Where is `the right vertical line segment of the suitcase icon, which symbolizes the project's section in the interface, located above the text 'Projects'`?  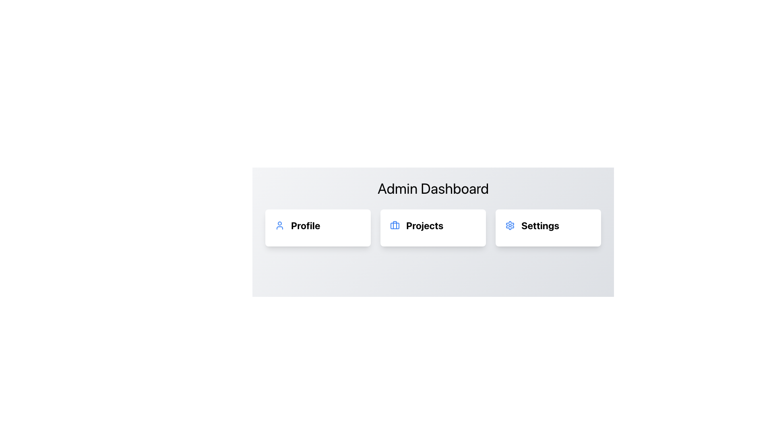 the right vertical line segment of the suitcase icon, which symbolizes the project's section in the interface, located above the text 'Projects' is located at coordinates (395, 225).